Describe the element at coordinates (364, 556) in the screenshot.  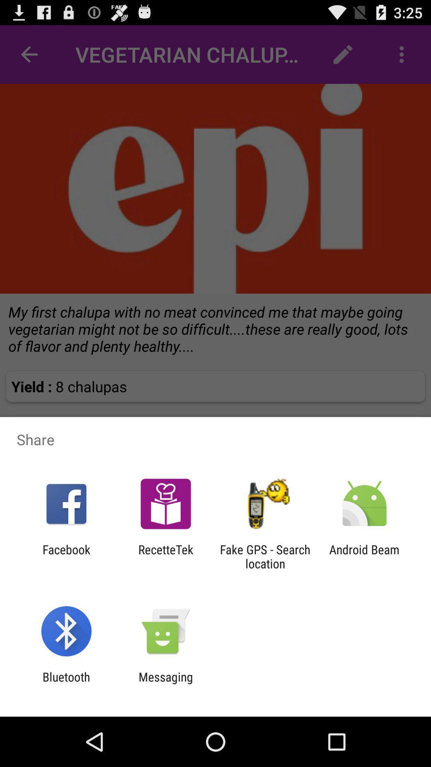
I see `the item to the right of fake gps search app` at that location.